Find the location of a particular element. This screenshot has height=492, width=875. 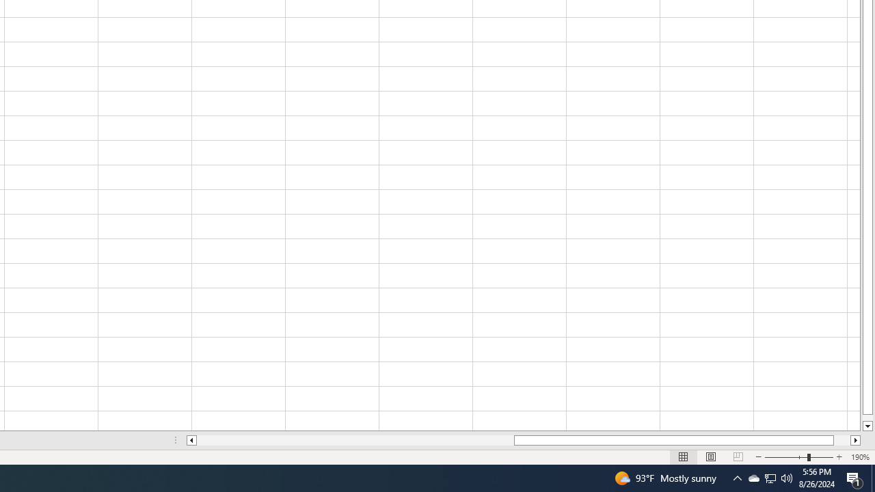

'Line down' is located at coordinates (867, 426).